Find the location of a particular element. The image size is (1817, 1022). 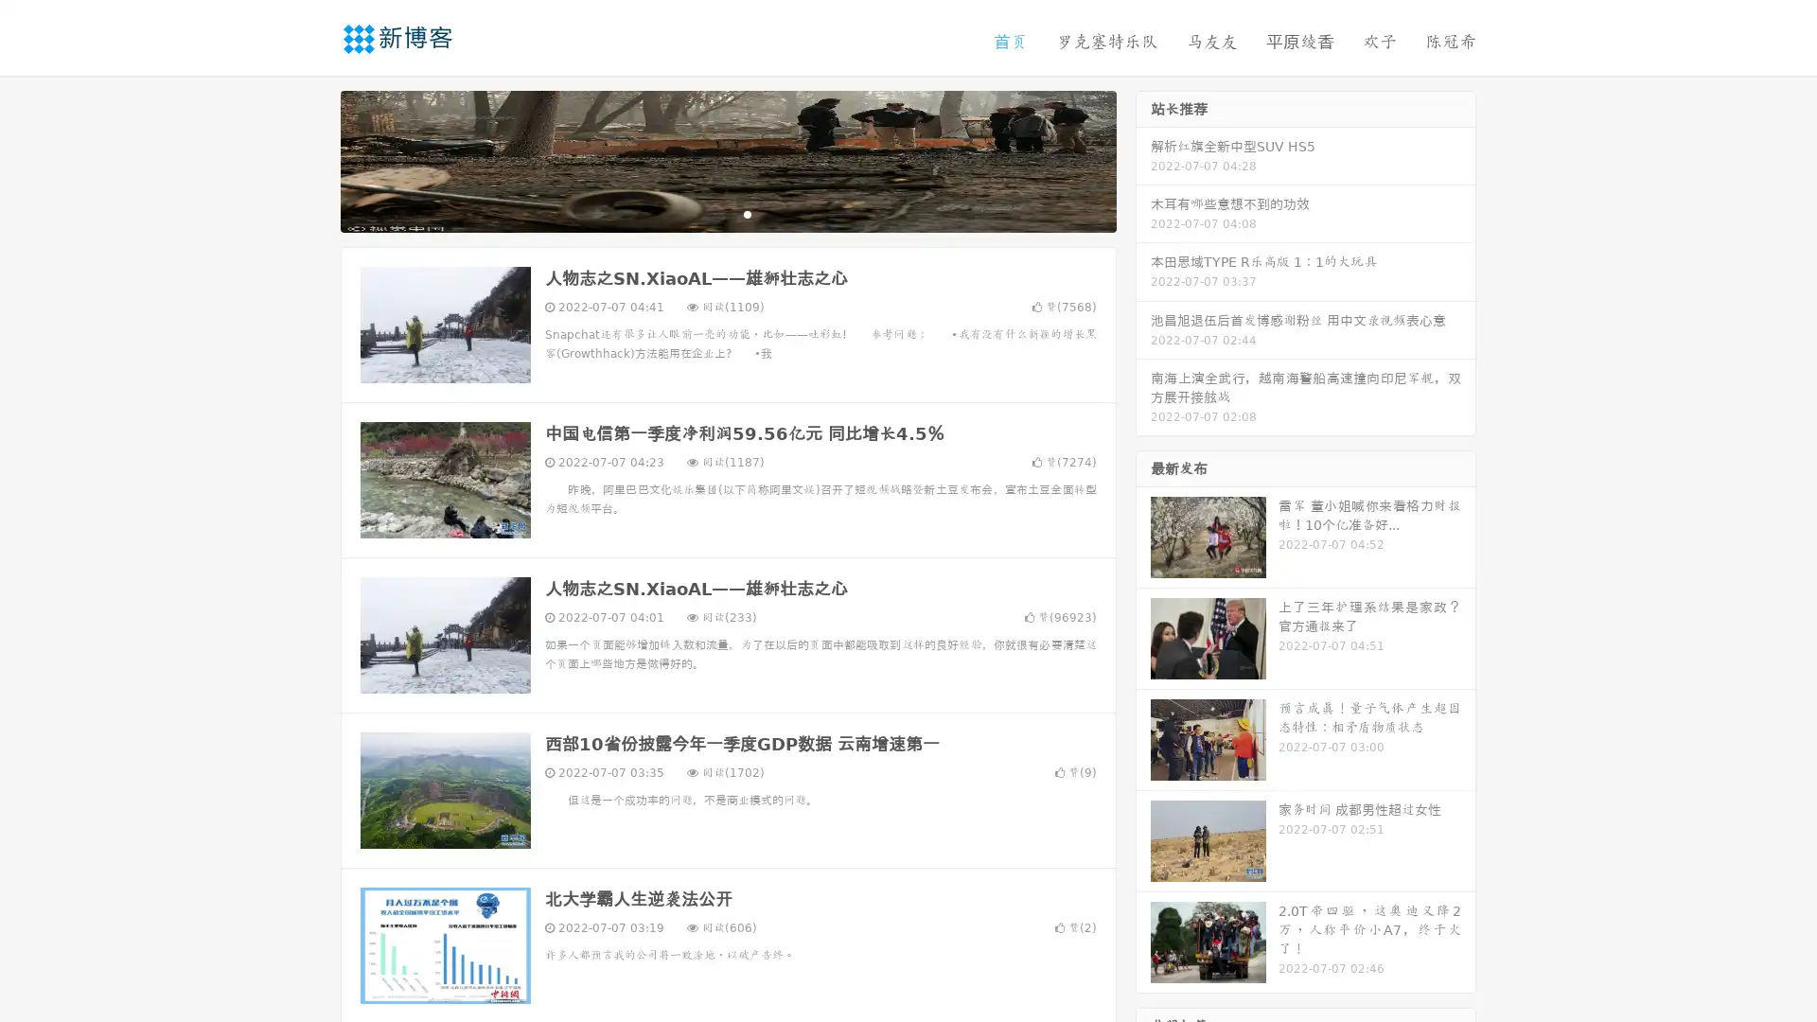

Go to slide 1 is located at coordinates (708, 213).